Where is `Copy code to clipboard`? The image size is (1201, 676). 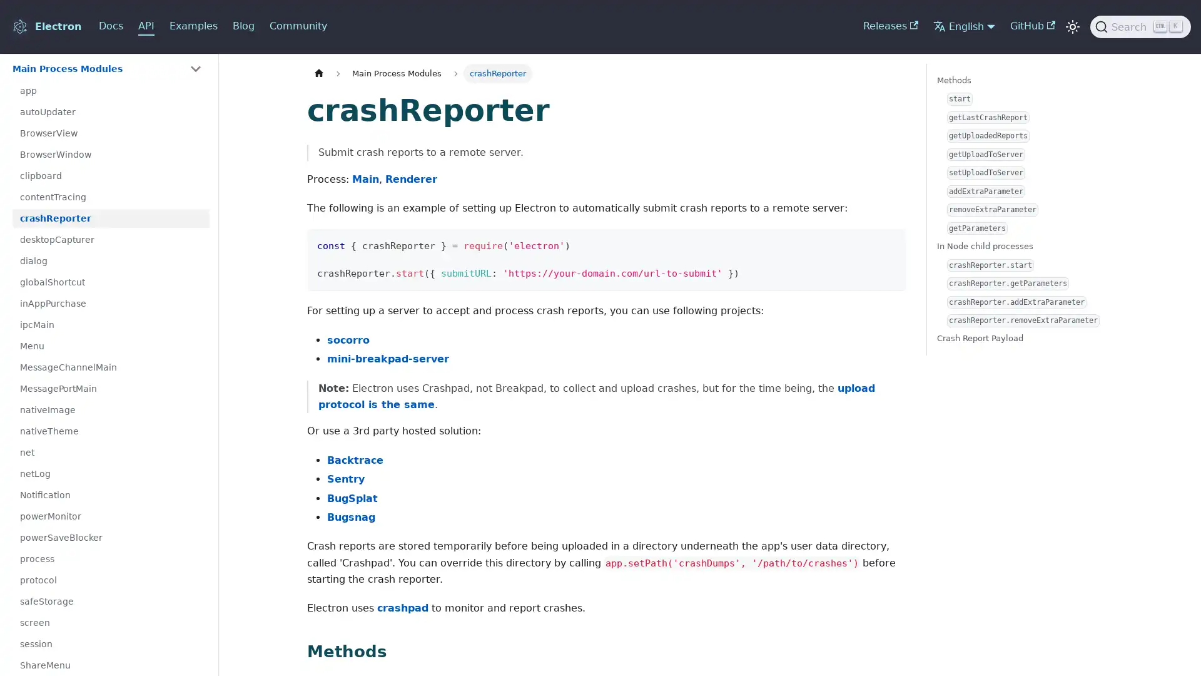
Copy code to clipboard is located at coordinates (890, 244).